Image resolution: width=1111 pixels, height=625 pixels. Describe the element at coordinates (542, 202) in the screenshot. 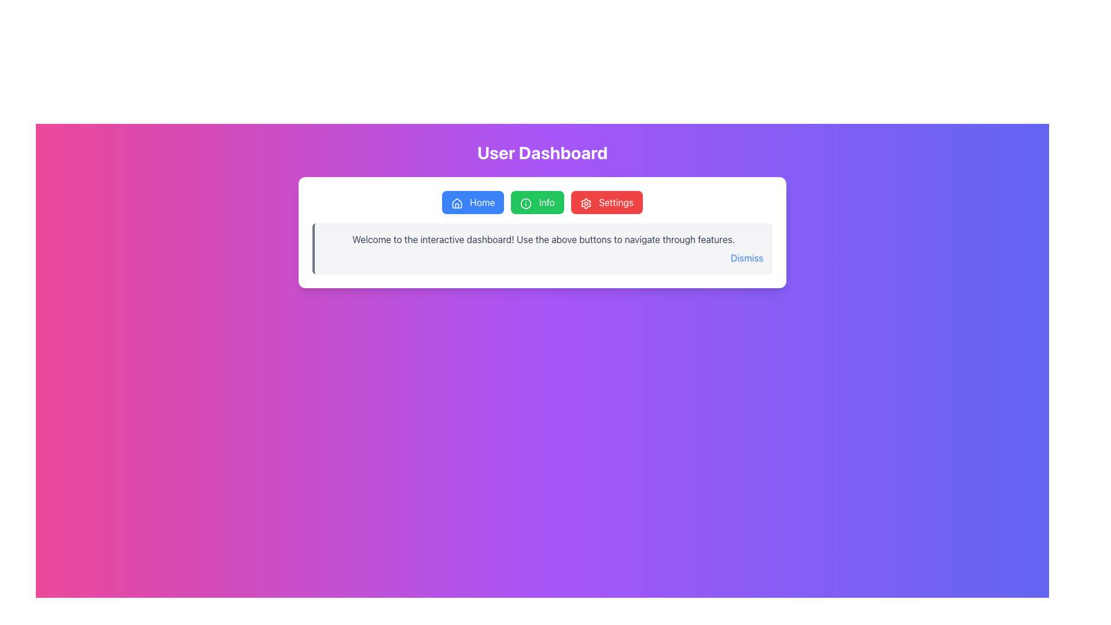

I see `the green 'Info' button located centrally in the horizontal row of three buttons` at that location.